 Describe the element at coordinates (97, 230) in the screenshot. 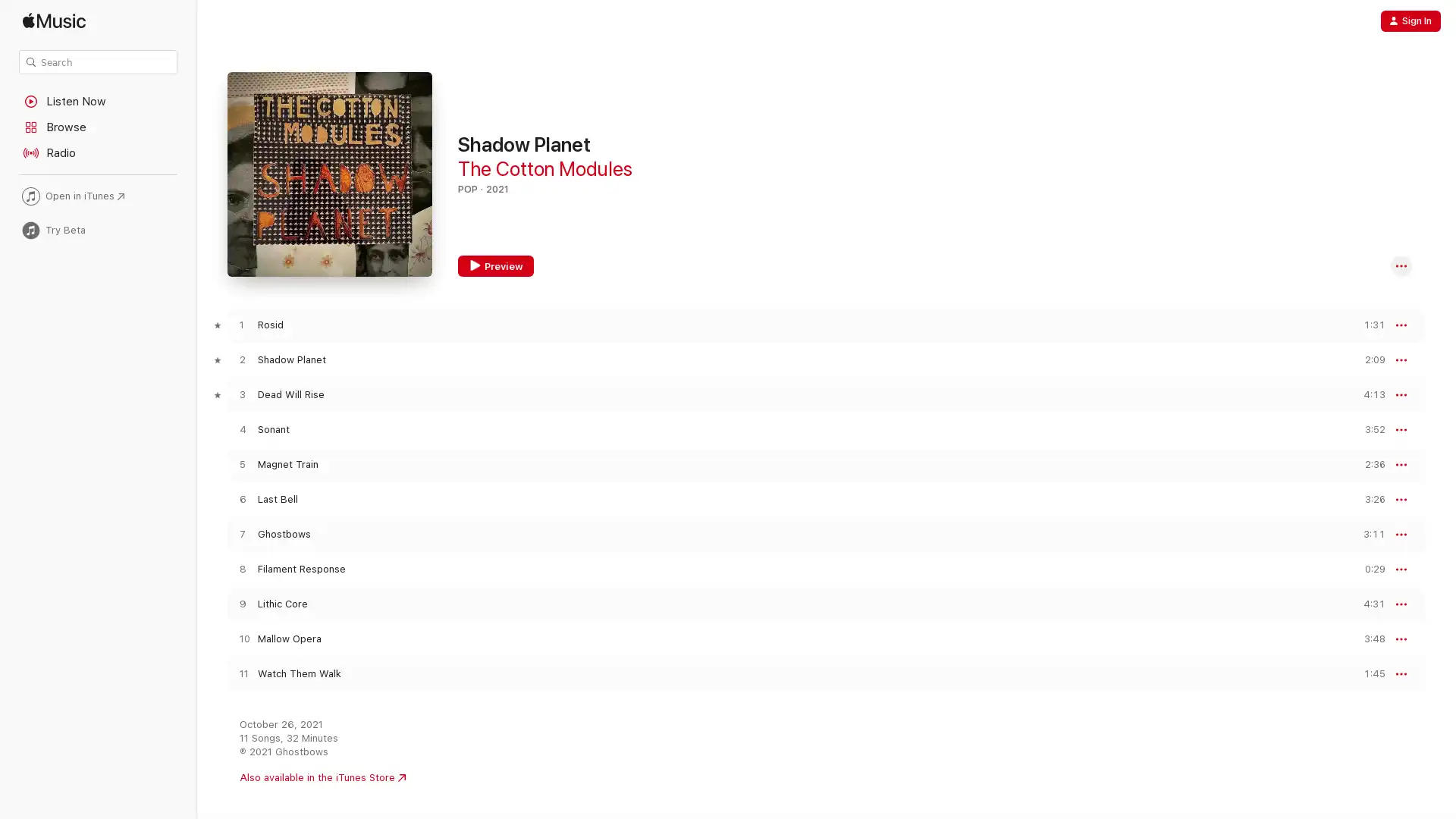

I see `Try Beta` at that location.